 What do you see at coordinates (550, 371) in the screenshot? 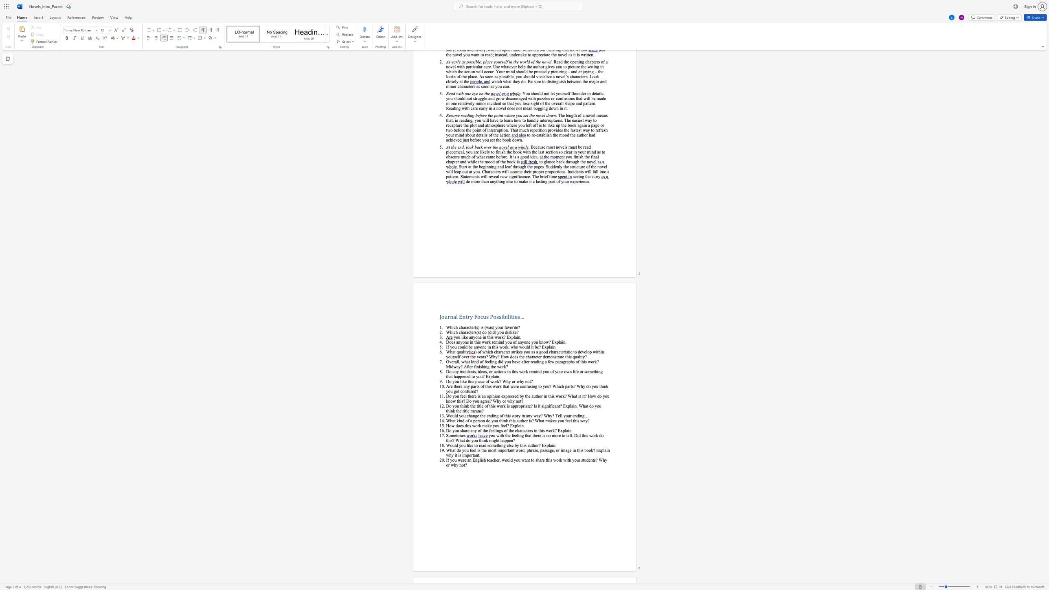
I see `the subset text "of your own life or something that happe" within the text "Do any incidents, ideas, or actions in this work remind you of your own life or something that happened to you? Explain."` at bounding box center [550, 371].